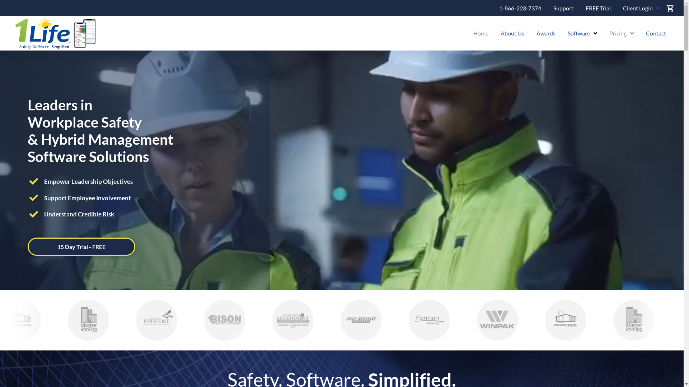 This screenshot has height=387, width=689. I want to click on 'About Us', so click(494, 33).